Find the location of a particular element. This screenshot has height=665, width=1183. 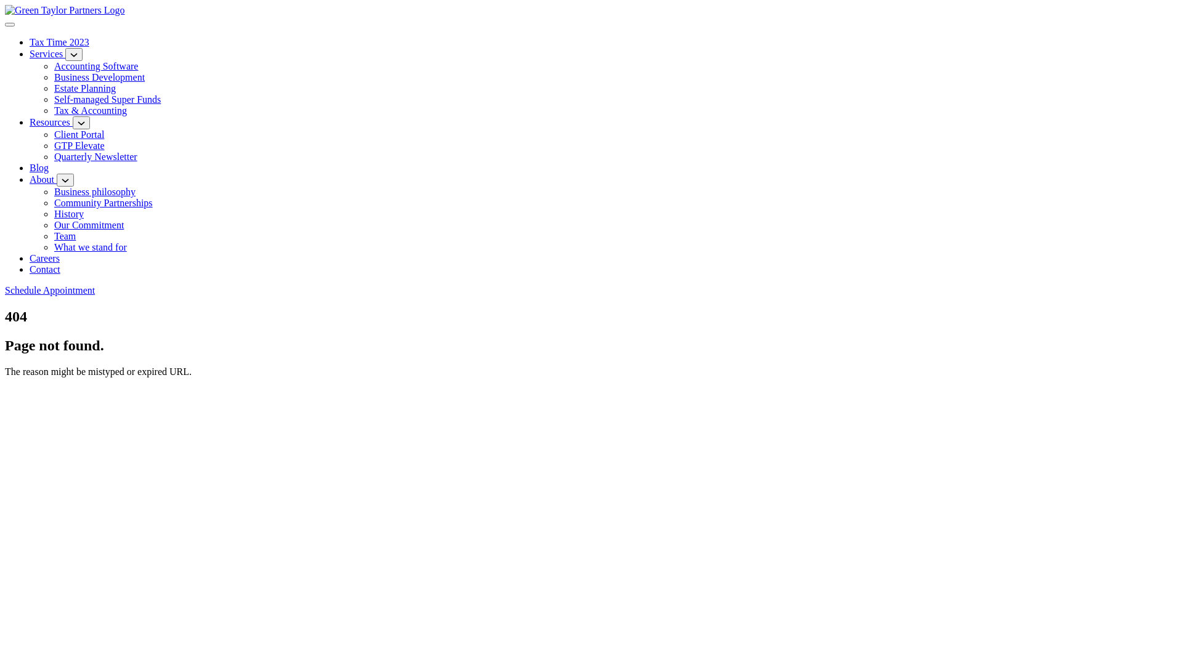

'Tax Time 2023' is located at coordinates (59, 41).